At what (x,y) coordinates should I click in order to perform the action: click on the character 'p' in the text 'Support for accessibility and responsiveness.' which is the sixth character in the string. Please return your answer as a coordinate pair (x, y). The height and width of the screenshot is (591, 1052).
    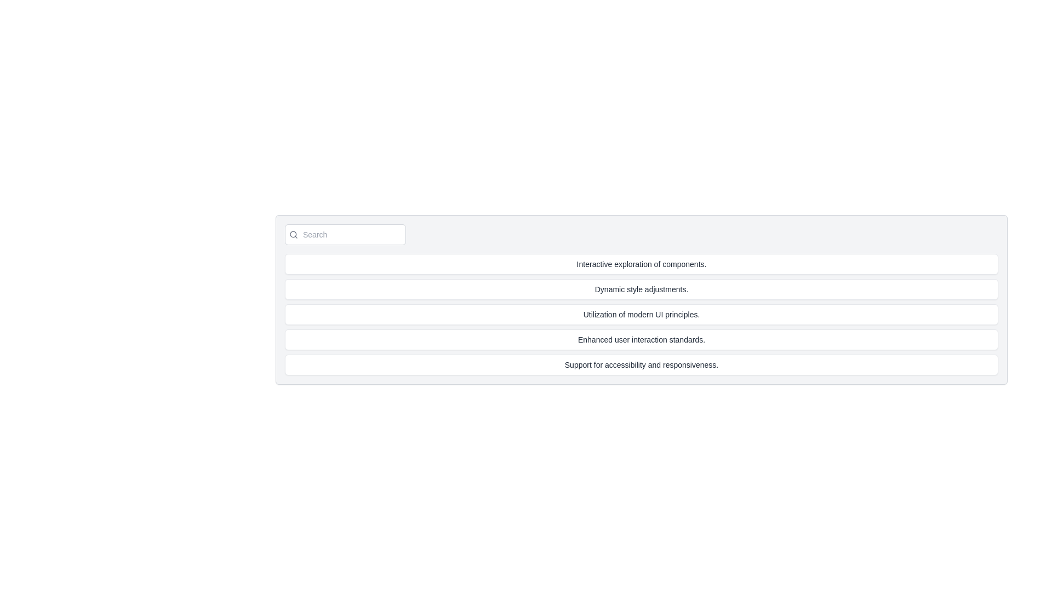
    Looking at the image, I should click on (580, 365).